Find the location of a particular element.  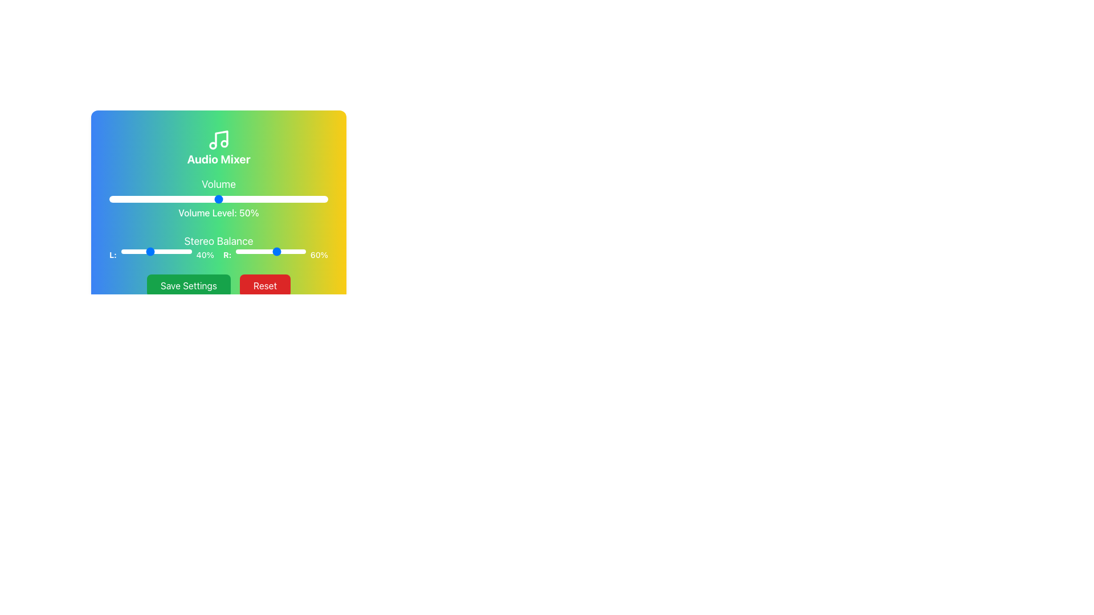

the volume is located at coordinates (293, 199).